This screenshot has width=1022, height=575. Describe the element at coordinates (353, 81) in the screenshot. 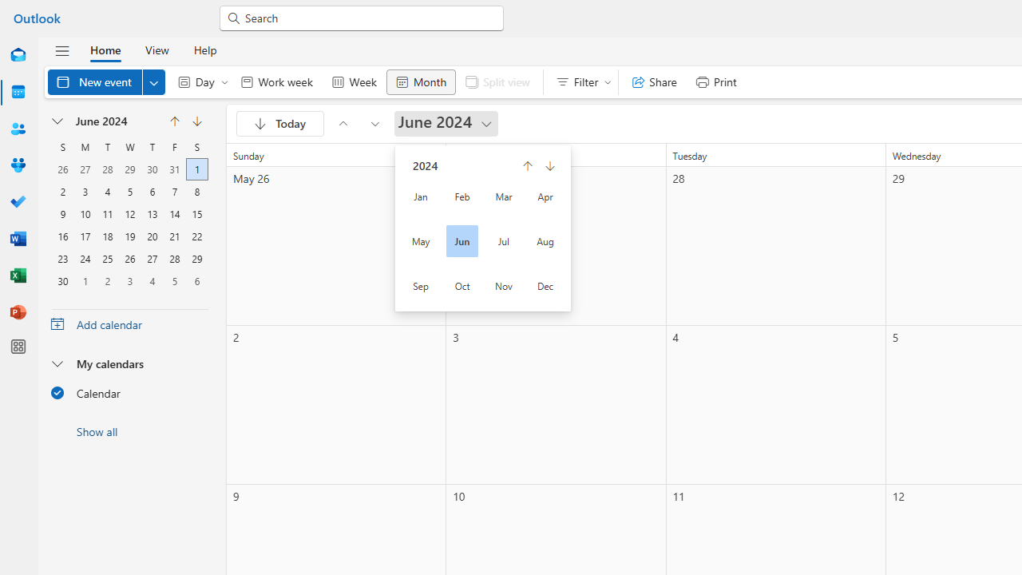

I see `'Week'` at that location.